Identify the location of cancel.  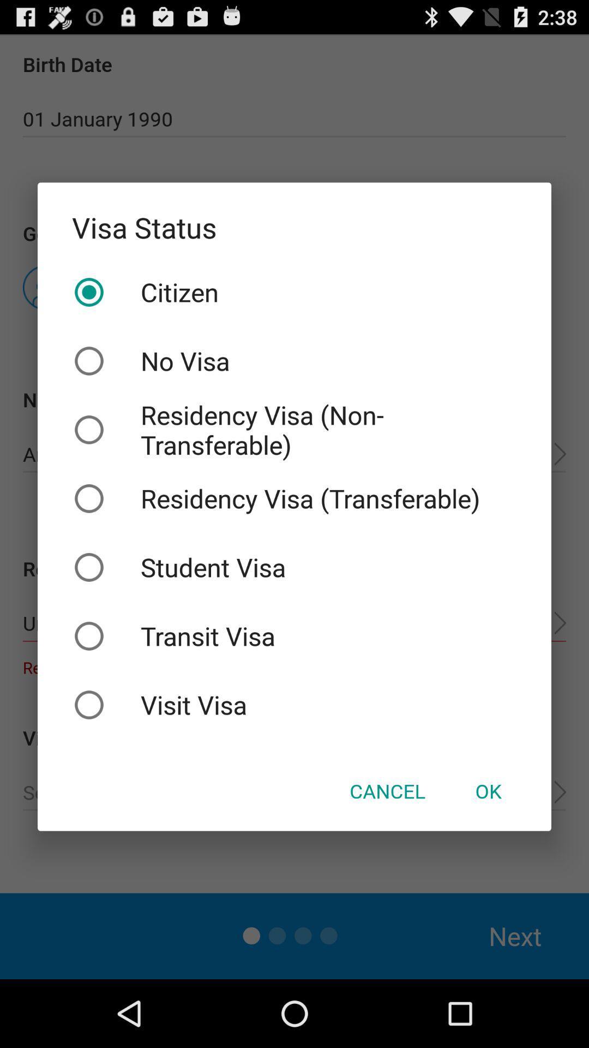
(387, 791).